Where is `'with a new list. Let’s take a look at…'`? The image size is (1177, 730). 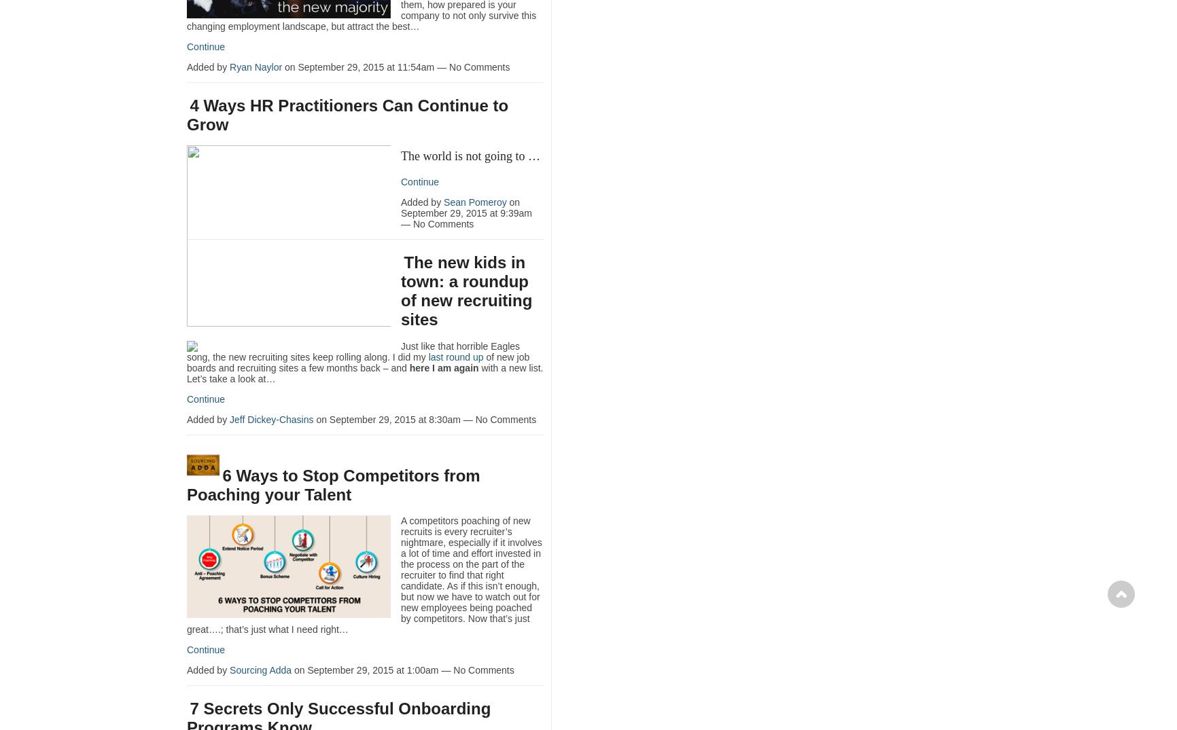
'with a new list. Let’s take a look at…' is located at coordinates (364, 373).